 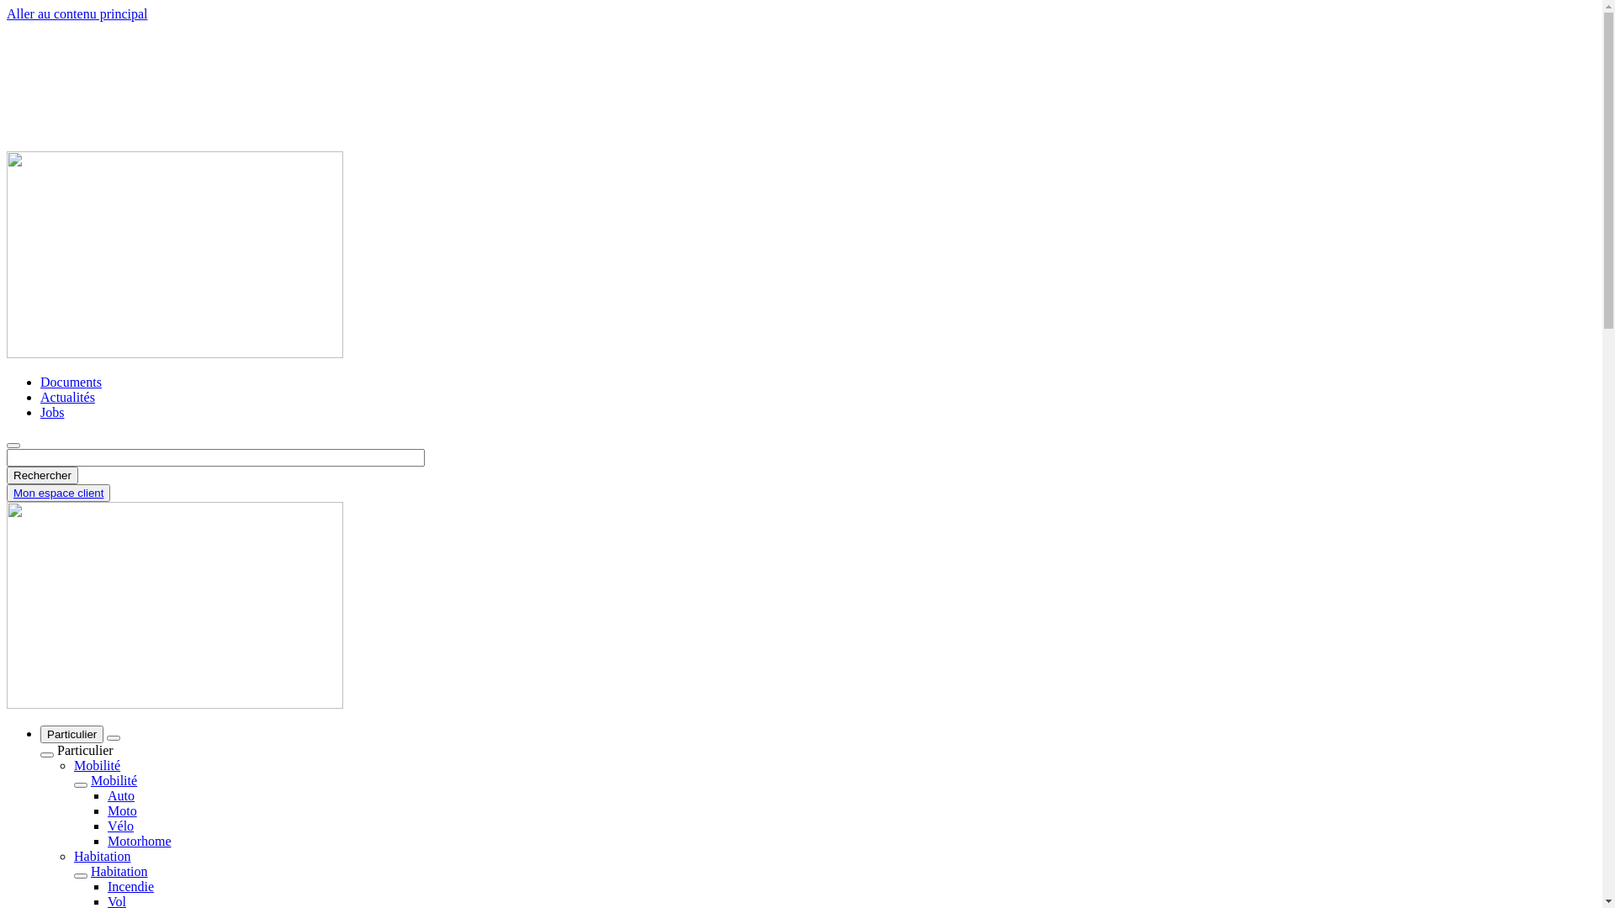 I want to click on 'Habitation', so click(x=90, y=870).